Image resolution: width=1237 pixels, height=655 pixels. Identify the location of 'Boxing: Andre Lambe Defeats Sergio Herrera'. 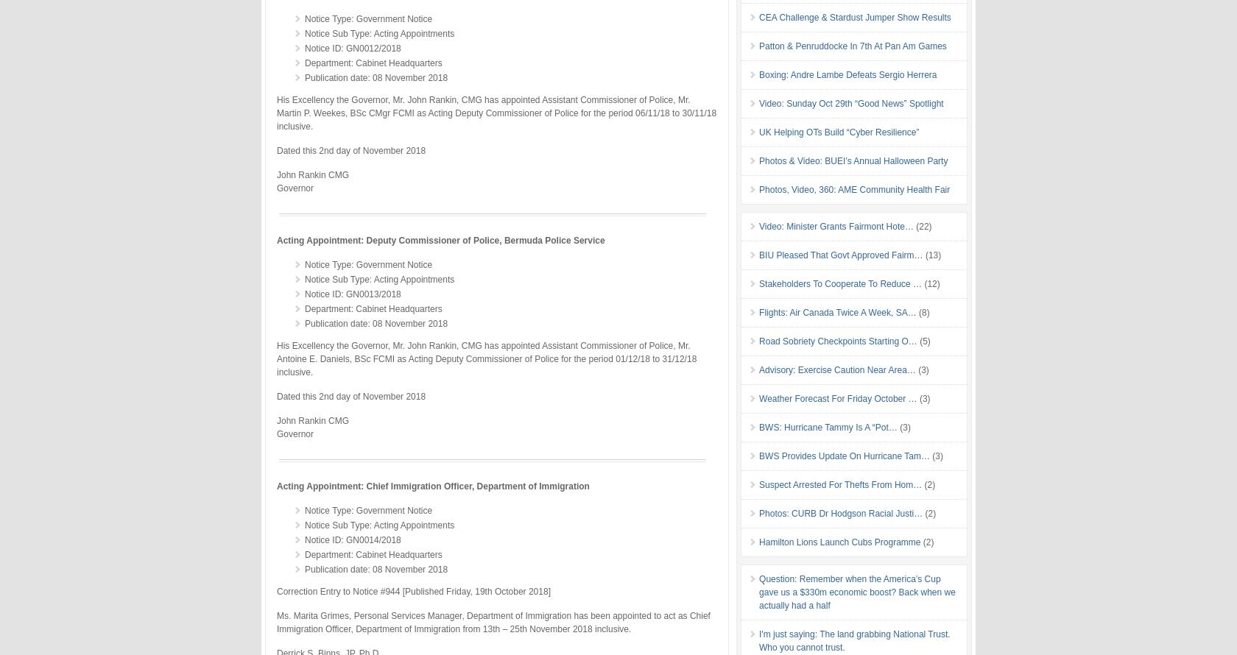
(759, 74).